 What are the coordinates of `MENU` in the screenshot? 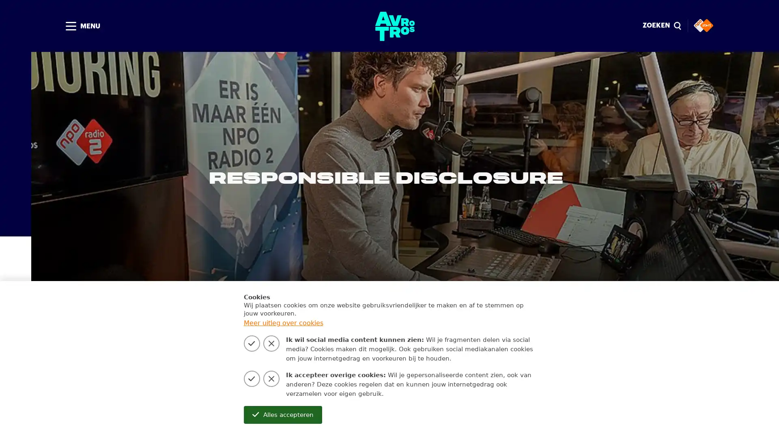 It's located at (82, 26).